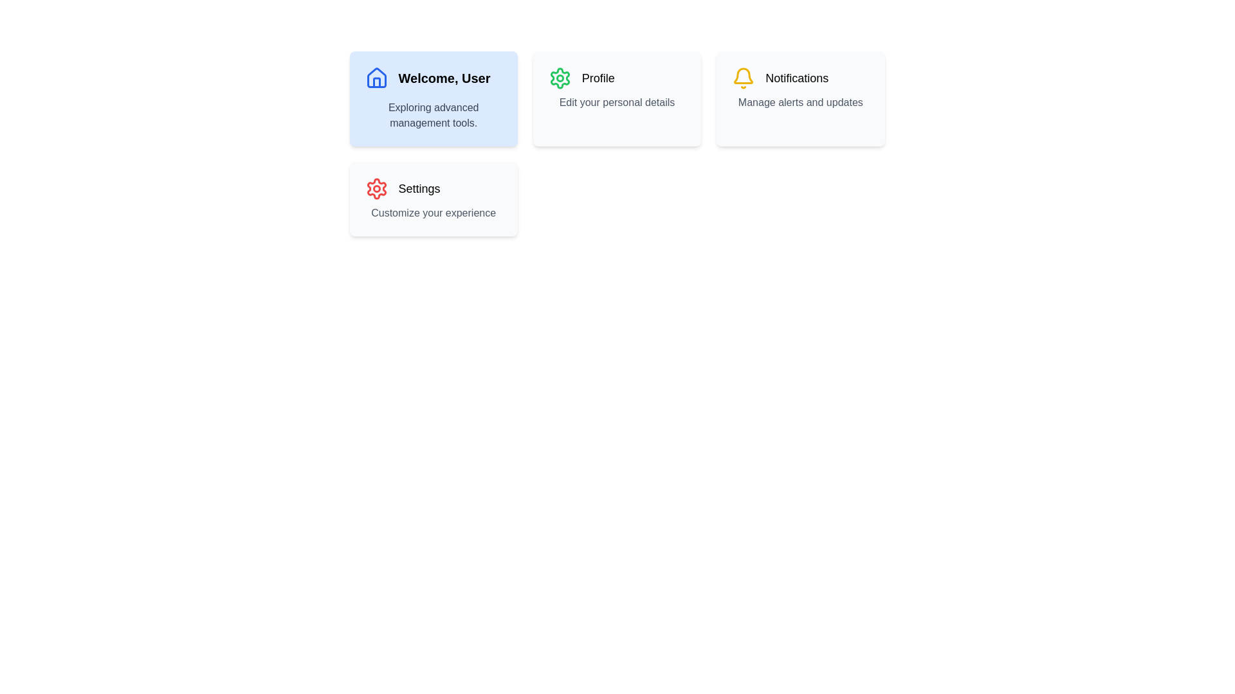 The height and width of the screenshot is (694, 1235). Describe the element at coordinates (376, 188) in the screenshot. I see `the gear icon located in the top-left corner of the 'Settings' card` at that location.